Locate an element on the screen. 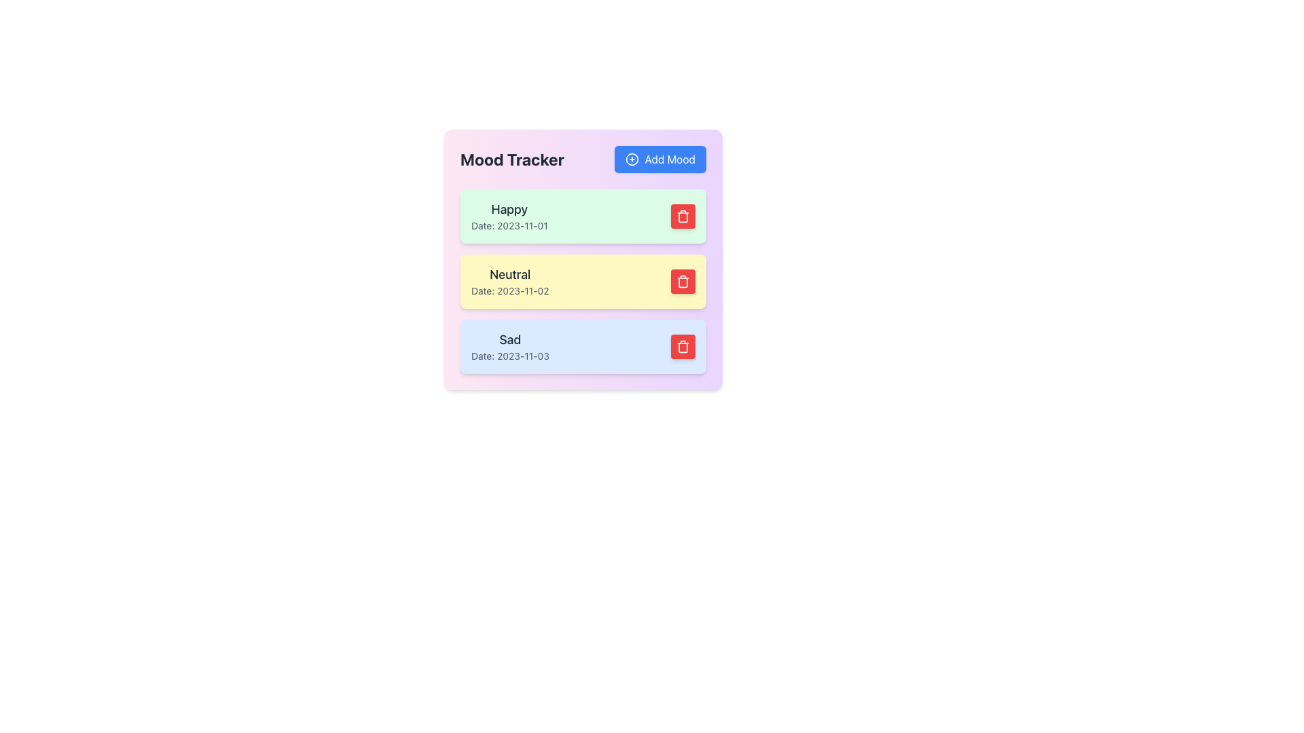 The height and width of the screenshot is (733, 1304). the prominent red square button with a white trashcan icon, located within the 'Neutral' yellow card on the right side is located at coordinates (683, 281).